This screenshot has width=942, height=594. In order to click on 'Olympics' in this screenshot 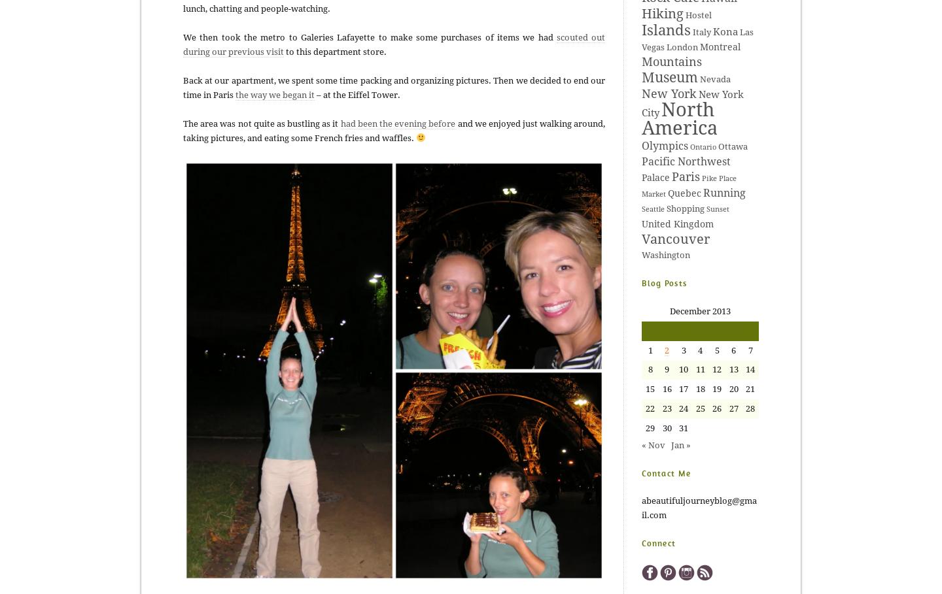, I will do `click(664, 145)`.